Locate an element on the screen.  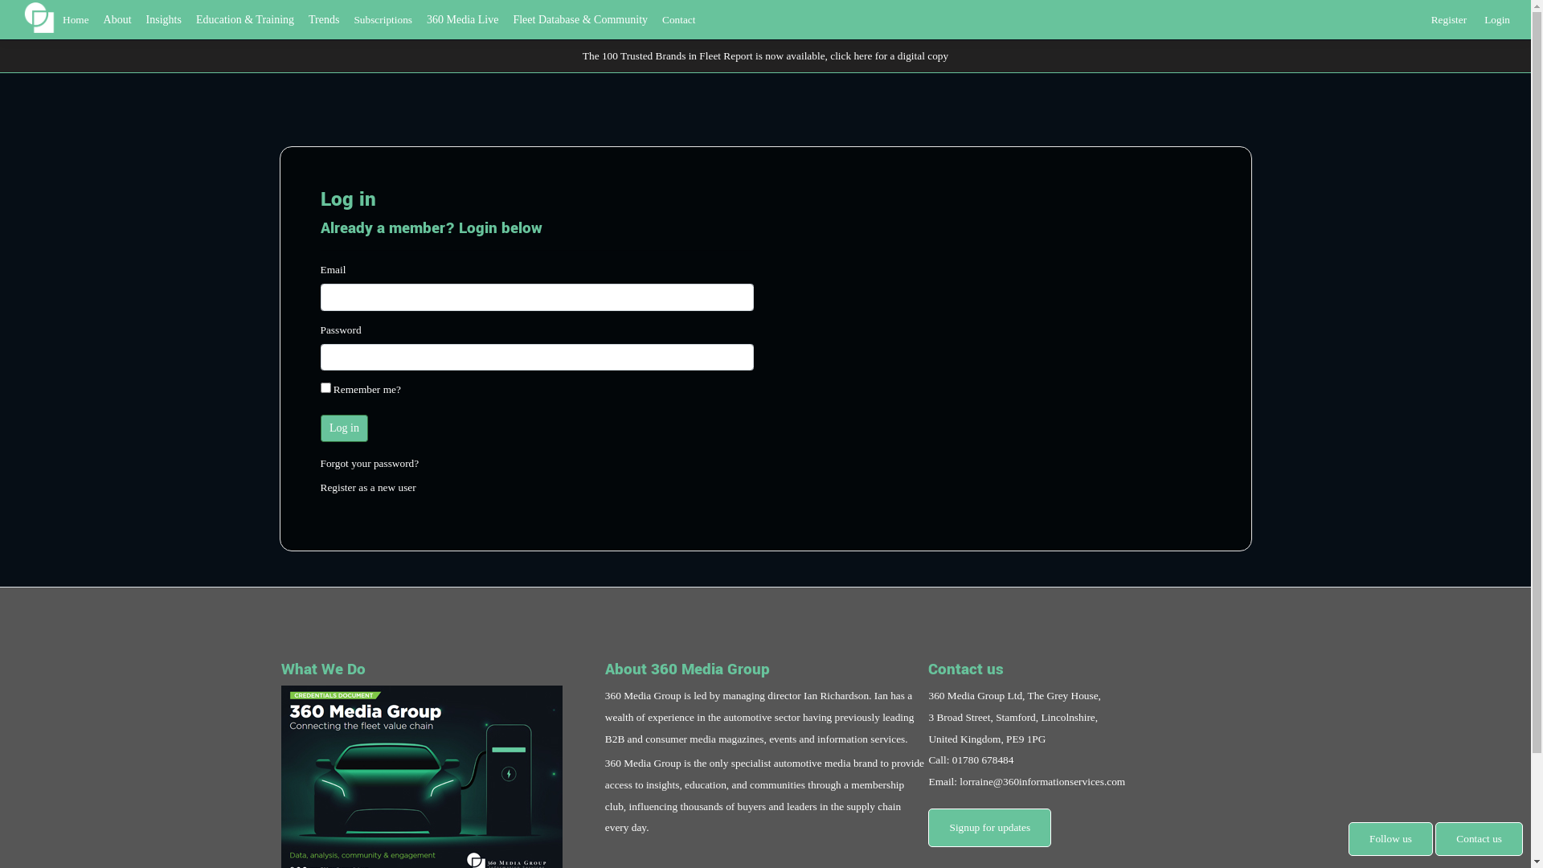
'Contact' is located at coordinates (678, 19).